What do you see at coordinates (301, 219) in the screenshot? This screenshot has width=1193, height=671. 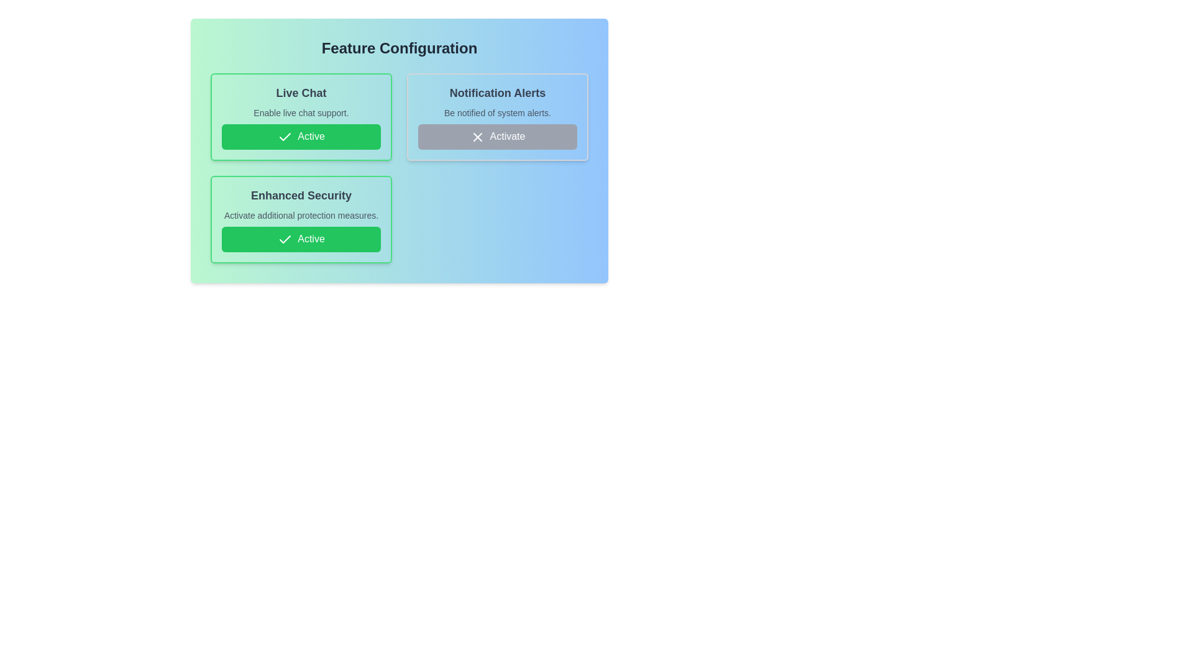 I see `the feature item Enhanced Security to observe the hover effect` at bounding box center [301, 219].